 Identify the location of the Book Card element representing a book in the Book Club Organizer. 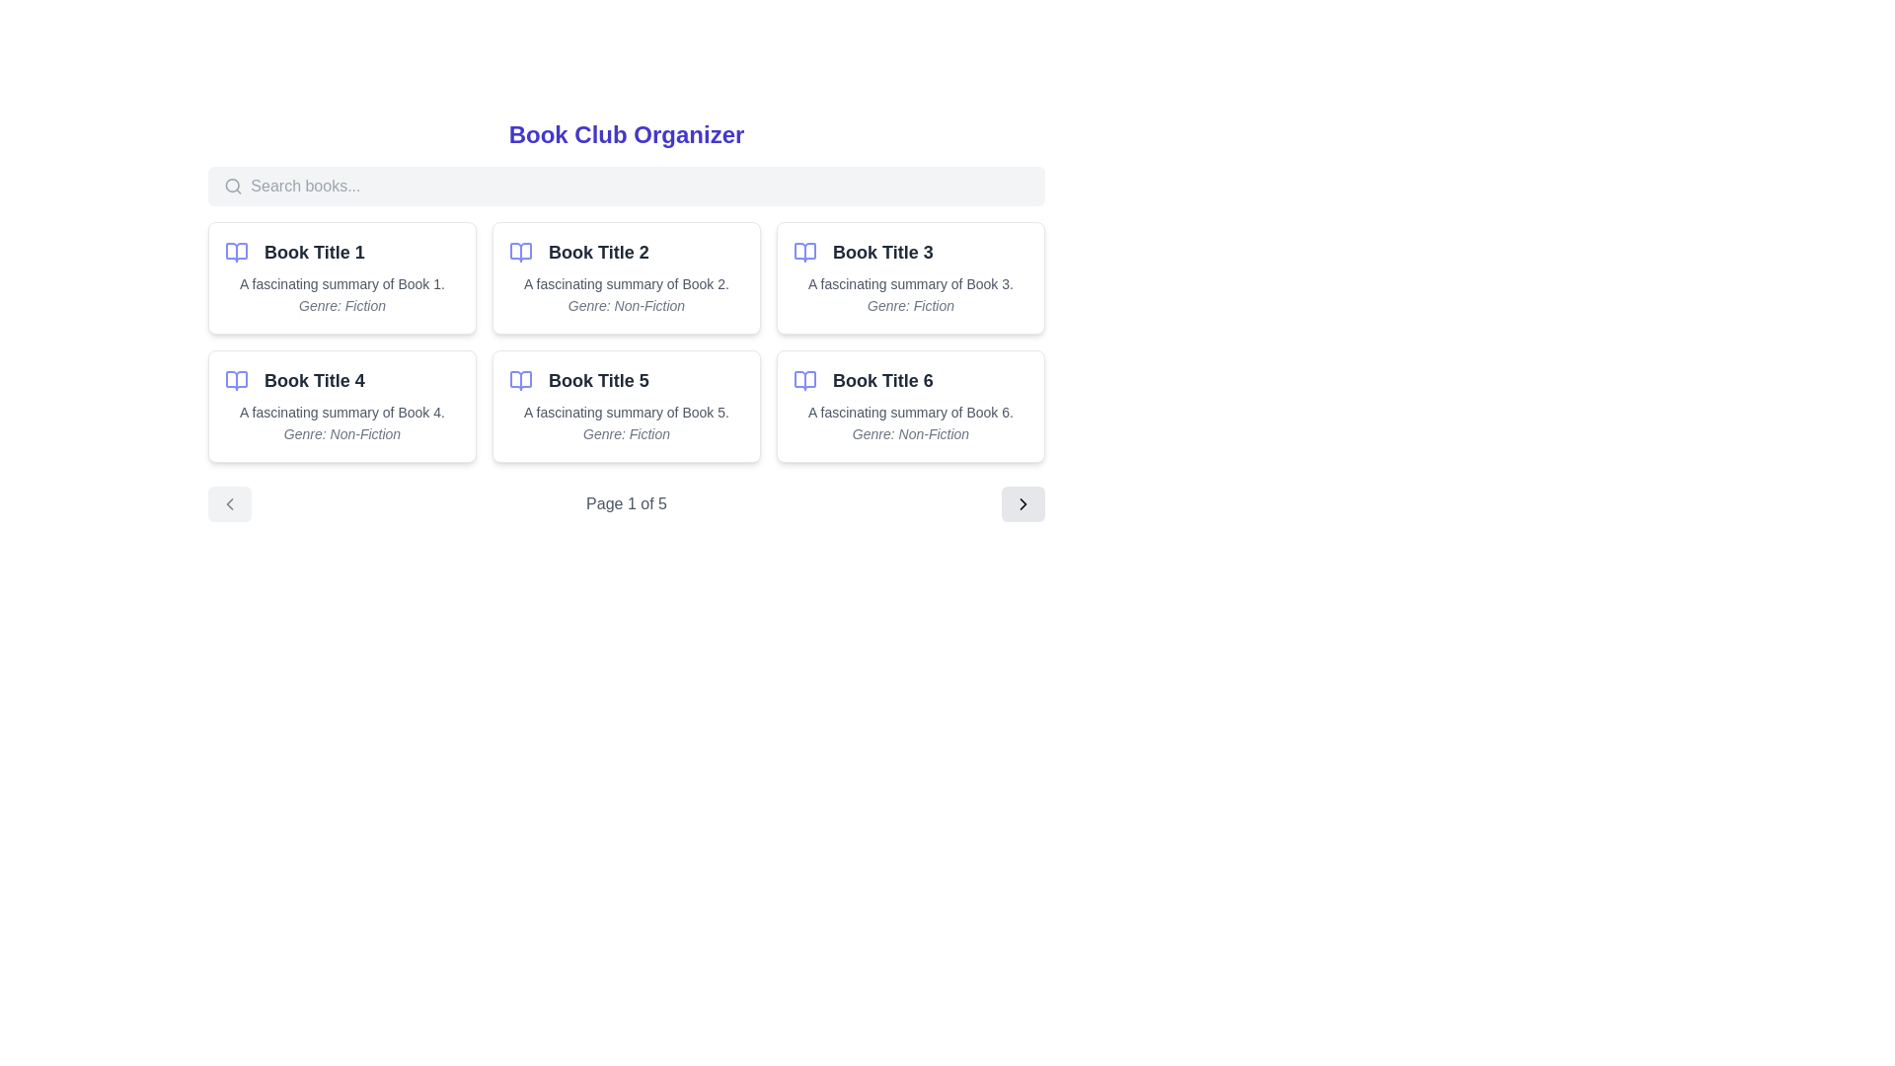
(625, 319).